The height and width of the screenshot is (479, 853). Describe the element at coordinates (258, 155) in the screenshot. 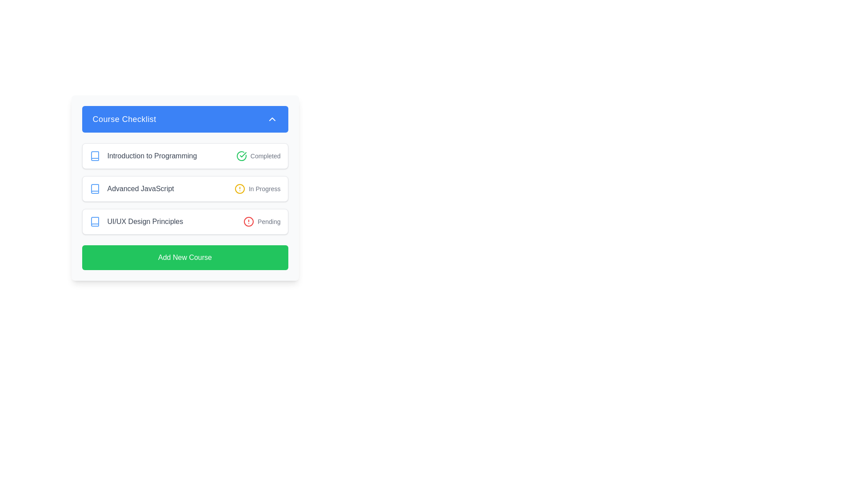

I see `the status information associated with the 'Completed' text and green checkmark icon located in the right section of the first row labeled 'Introduction to Programming'` at that location.